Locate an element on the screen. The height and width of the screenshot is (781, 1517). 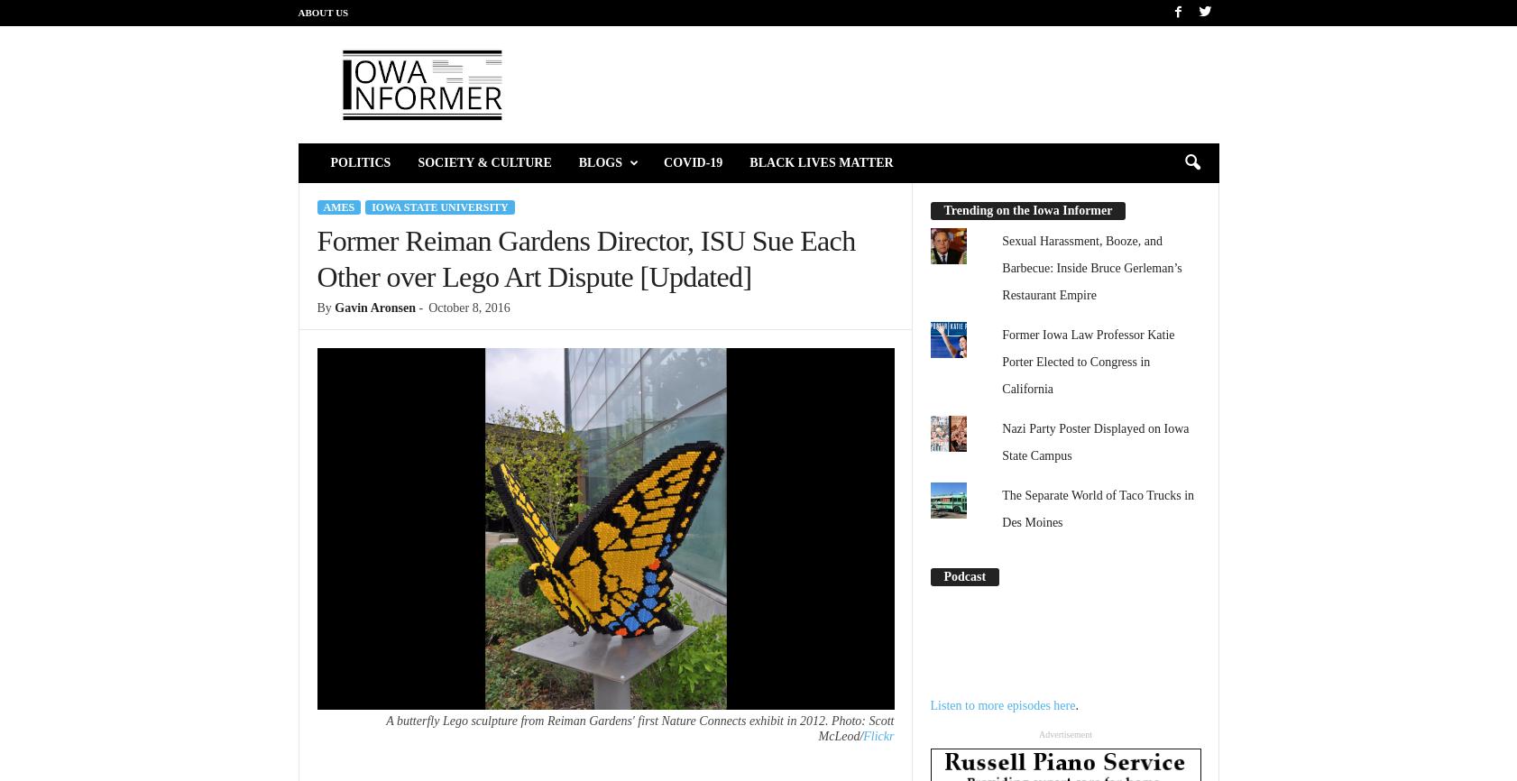
'Iowa State University' is located at coordinates (439, 207).